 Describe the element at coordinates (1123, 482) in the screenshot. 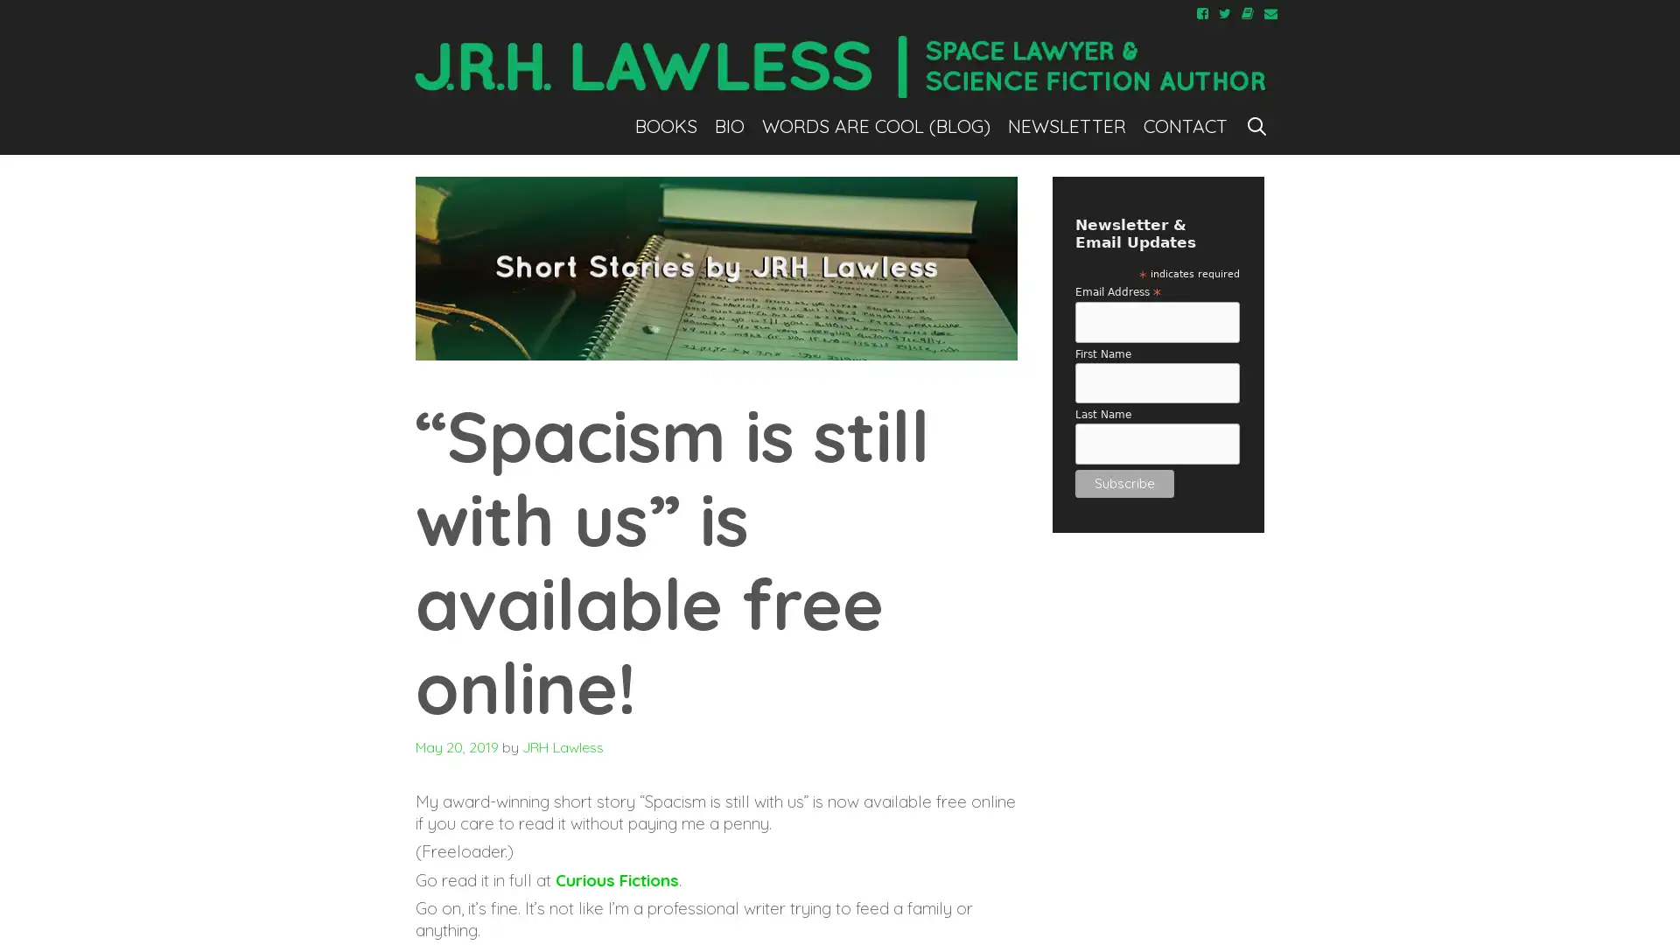

I see `Subscribe` at that location.